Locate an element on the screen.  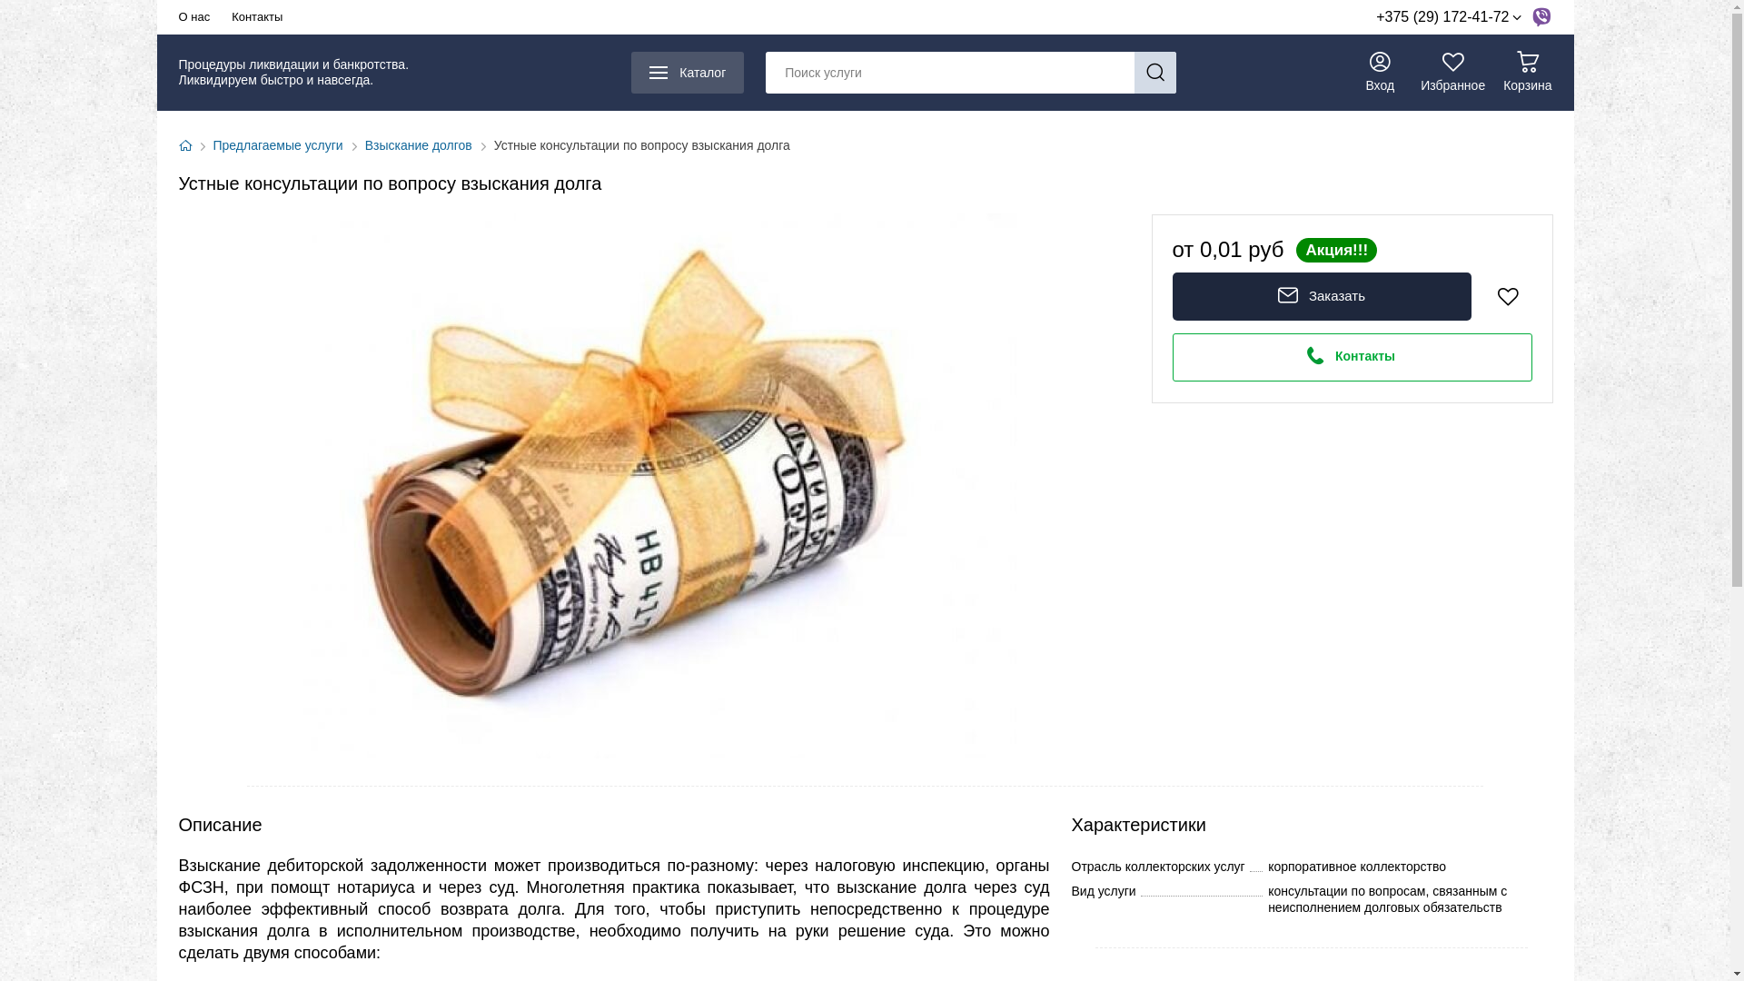
'Viber' is located at coordinates (1539, 17).